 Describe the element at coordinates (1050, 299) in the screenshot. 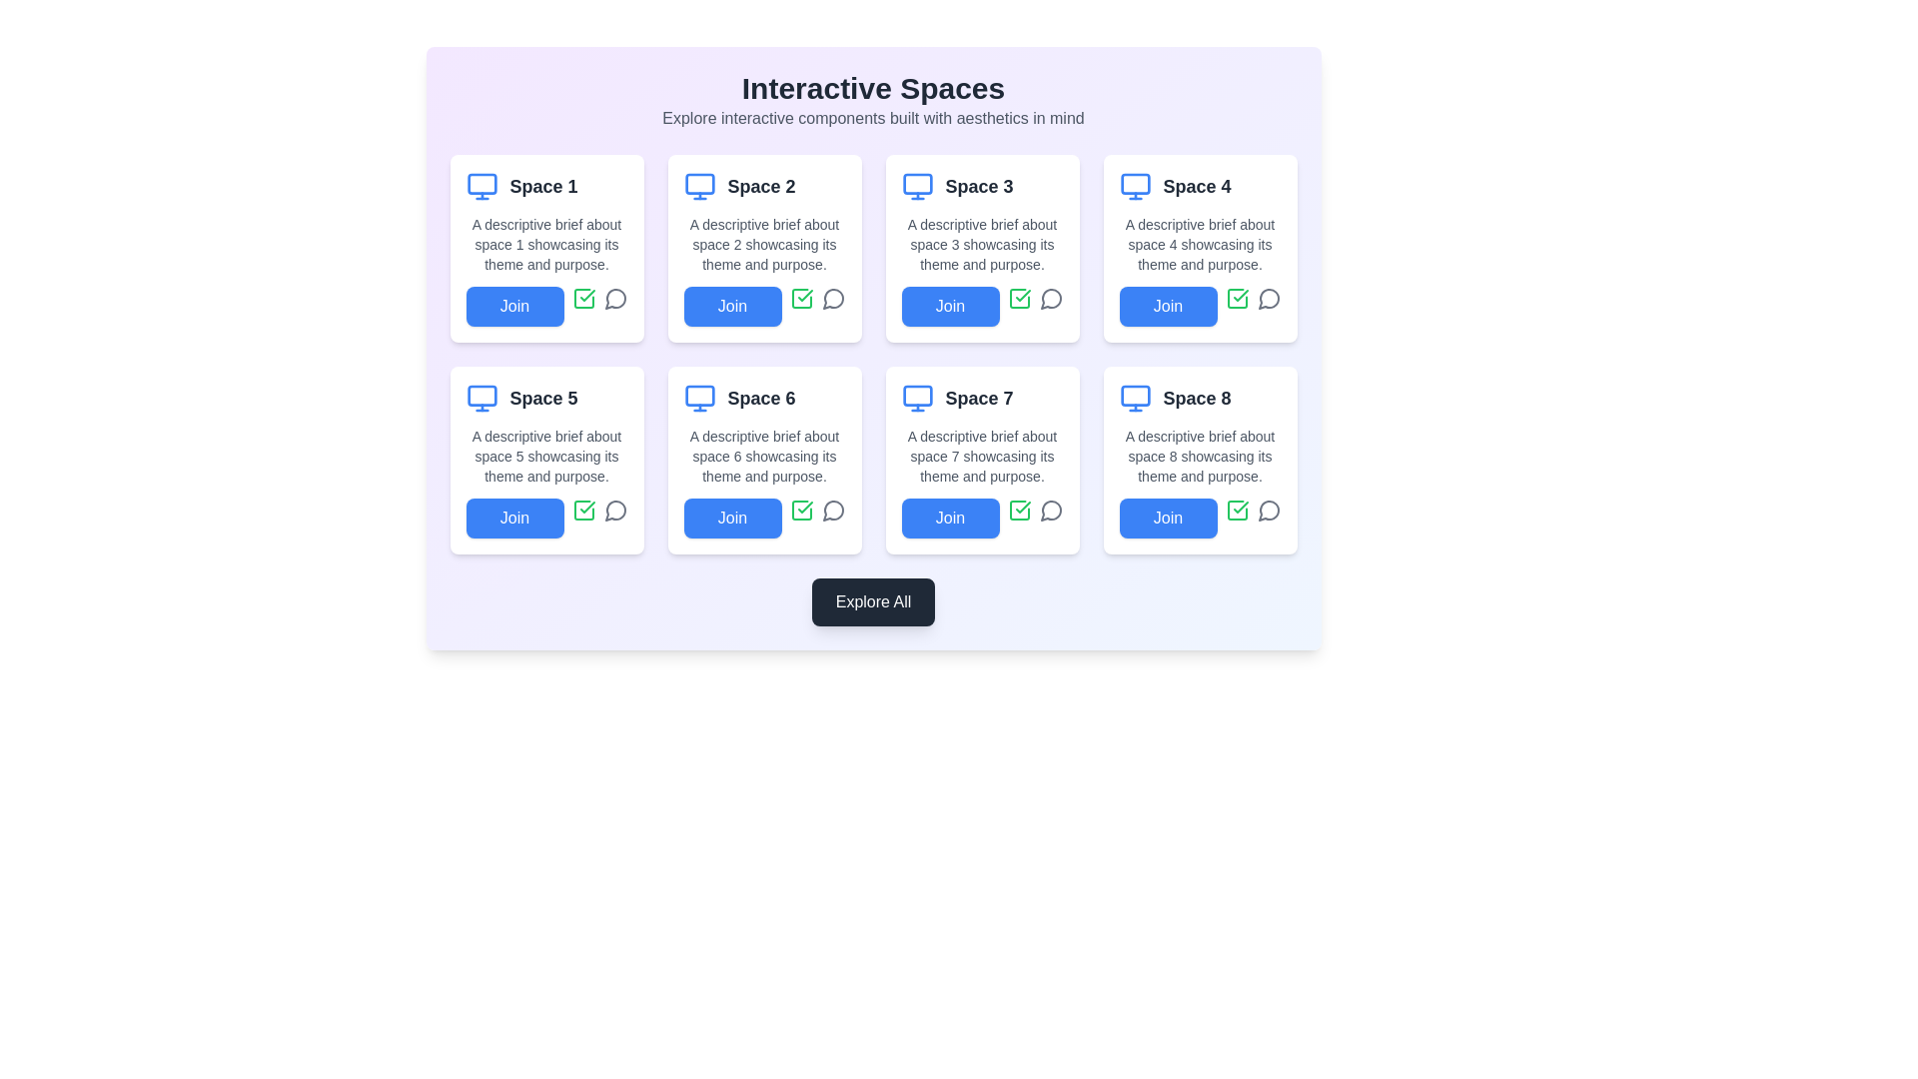

I see `the commenting or messaging icon located at the bottom of the 'Space 3' card under 'Interactive Spaces'` at that location.